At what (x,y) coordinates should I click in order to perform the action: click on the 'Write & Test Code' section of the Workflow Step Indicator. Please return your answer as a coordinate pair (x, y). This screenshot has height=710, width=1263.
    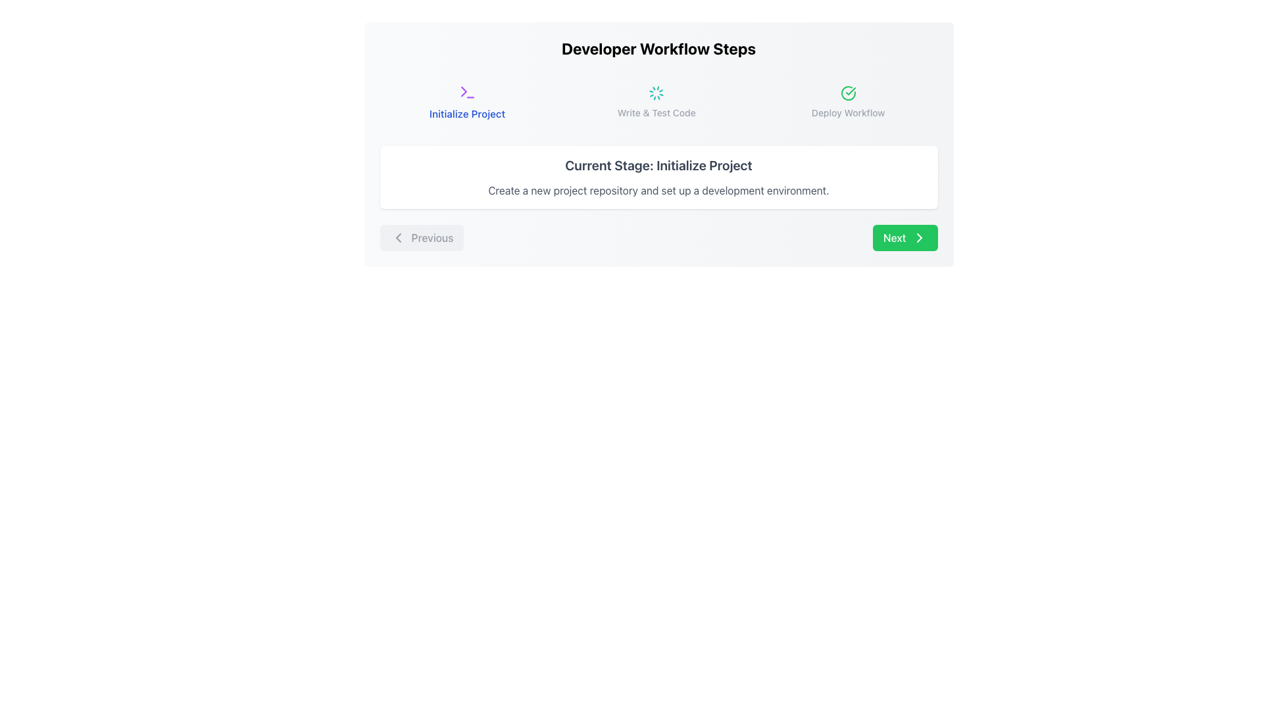
    Looking at the image, I should click on (658, 101).